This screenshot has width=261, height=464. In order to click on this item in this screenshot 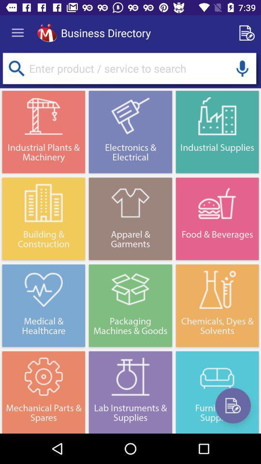, I will do `click(232, 406)`.